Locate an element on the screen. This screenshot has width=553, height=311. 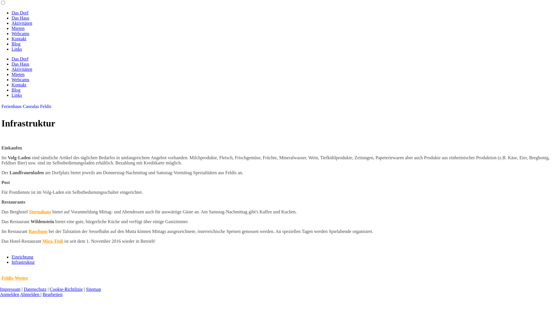
'Das Dorf' is located at coordinates (20, 59).